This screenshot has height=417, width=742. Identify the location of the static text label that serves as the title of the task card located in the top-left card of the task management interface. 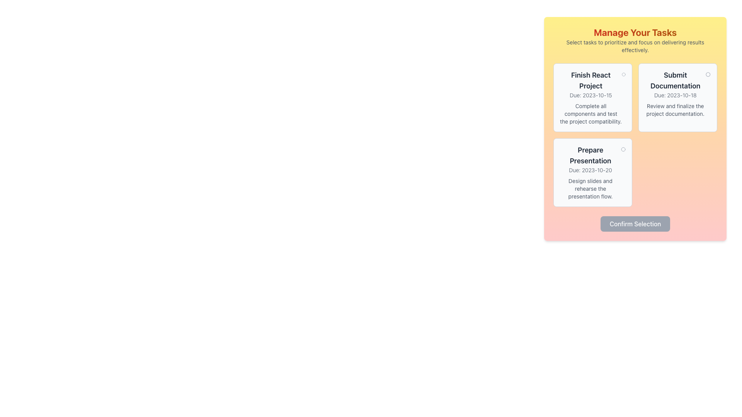
(591, 80).